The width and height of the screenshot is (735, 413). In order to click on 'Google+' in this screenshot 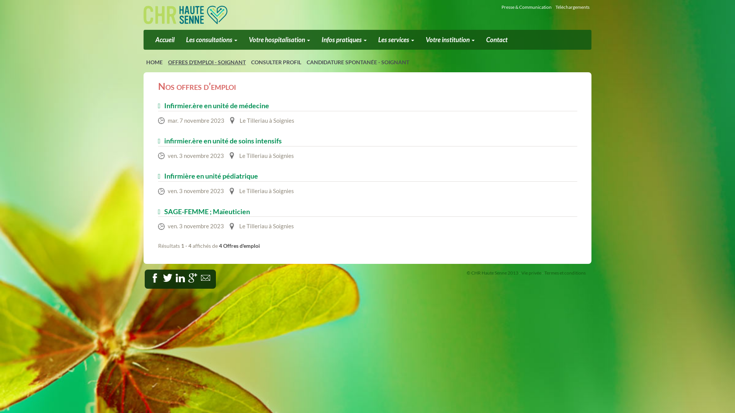, I will do `click(200, 276)`.